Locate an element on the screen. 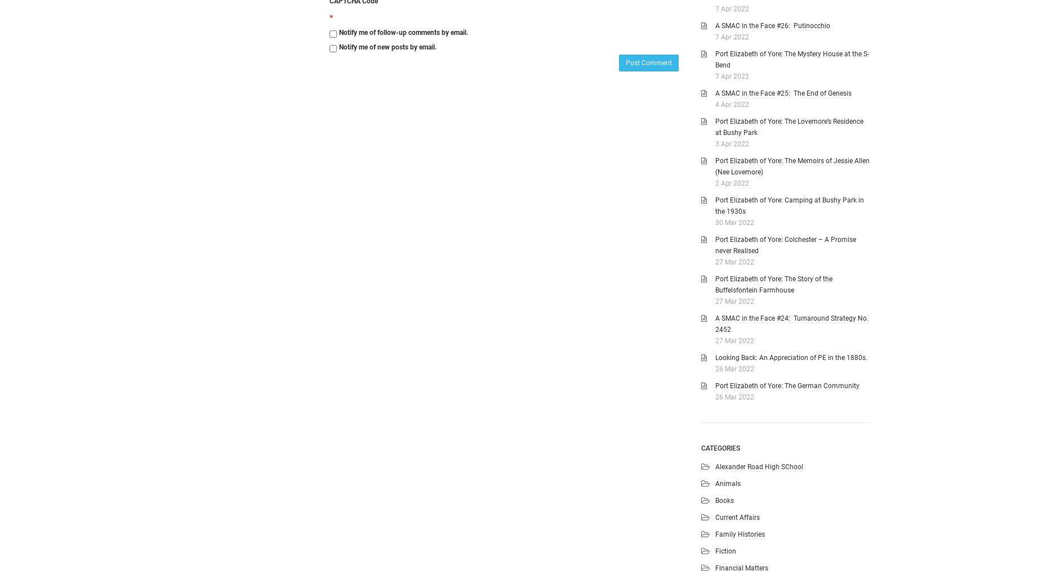  'A SMAC in the Face #25:  The End of Genesis' is located at coordinates (783, 92).